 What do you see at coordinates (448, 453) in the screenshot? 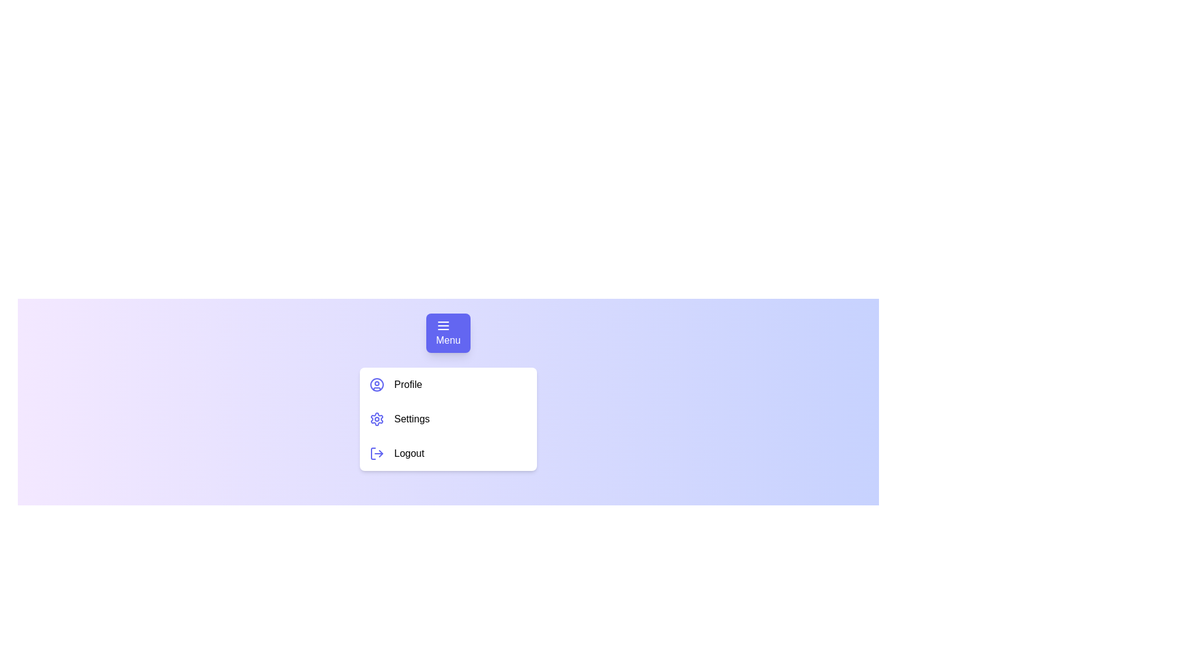
I see `the menu item labeled Logout to preview its hover state` at bounding box center [448, 453].